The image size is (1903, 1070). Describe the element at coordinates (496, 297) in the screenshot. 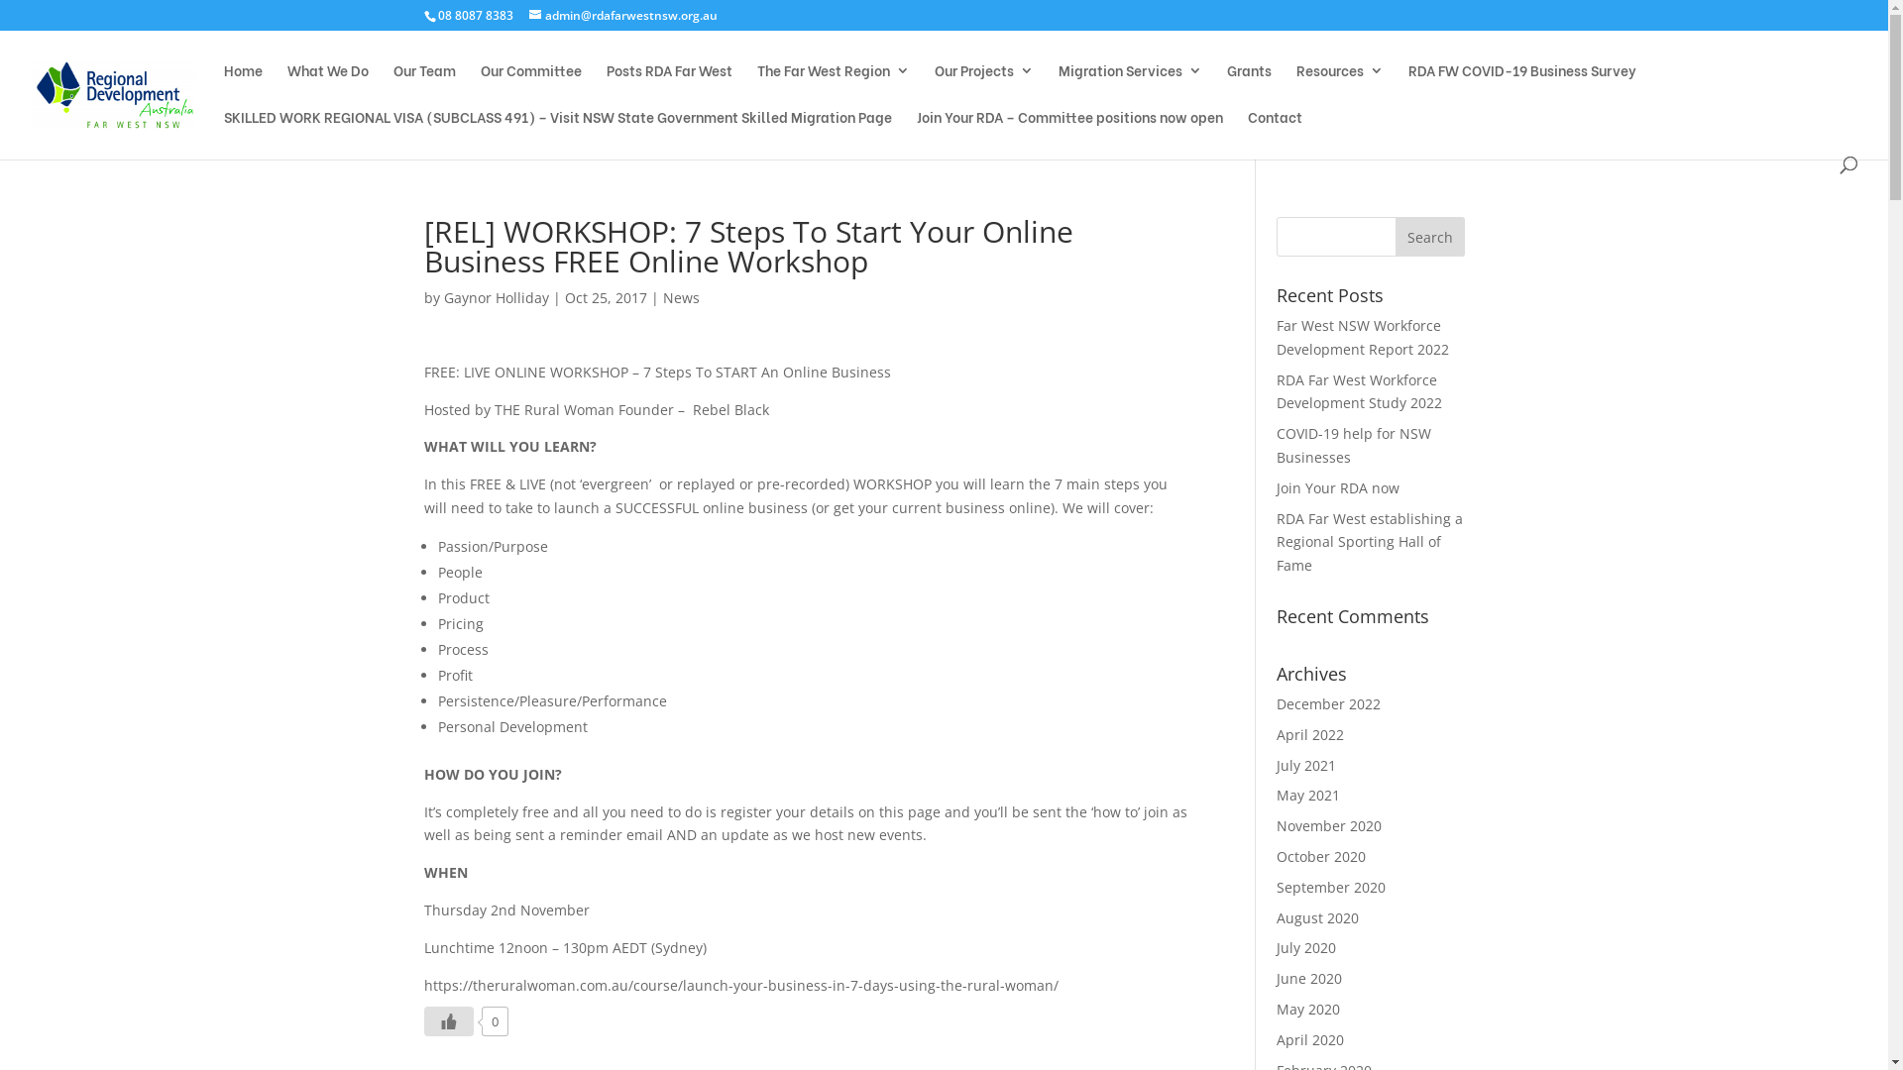

I see `'Gaynor Holliday'` at that location.